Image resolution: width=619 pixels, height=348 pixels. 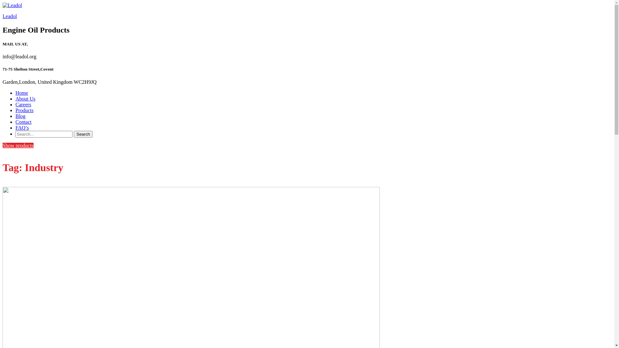 What do you see at coordinates (15, 116) in the screenshot?
I see `'Blog'` at bounding box center [15, 116].